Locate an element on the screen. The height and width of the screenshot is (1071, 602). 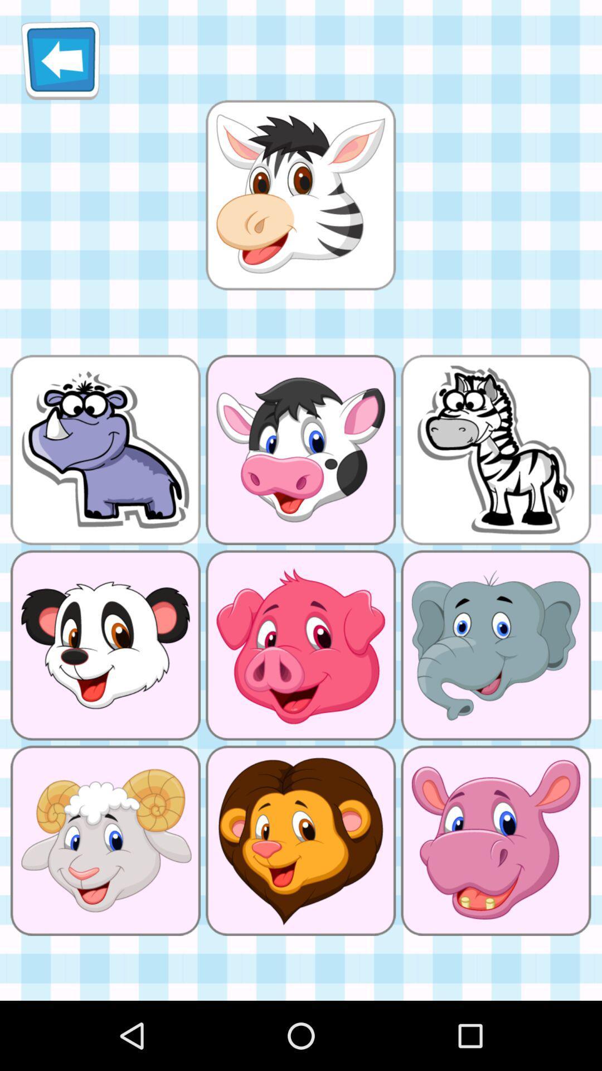
the left side image of zebra is located at coordinates (300, 450).